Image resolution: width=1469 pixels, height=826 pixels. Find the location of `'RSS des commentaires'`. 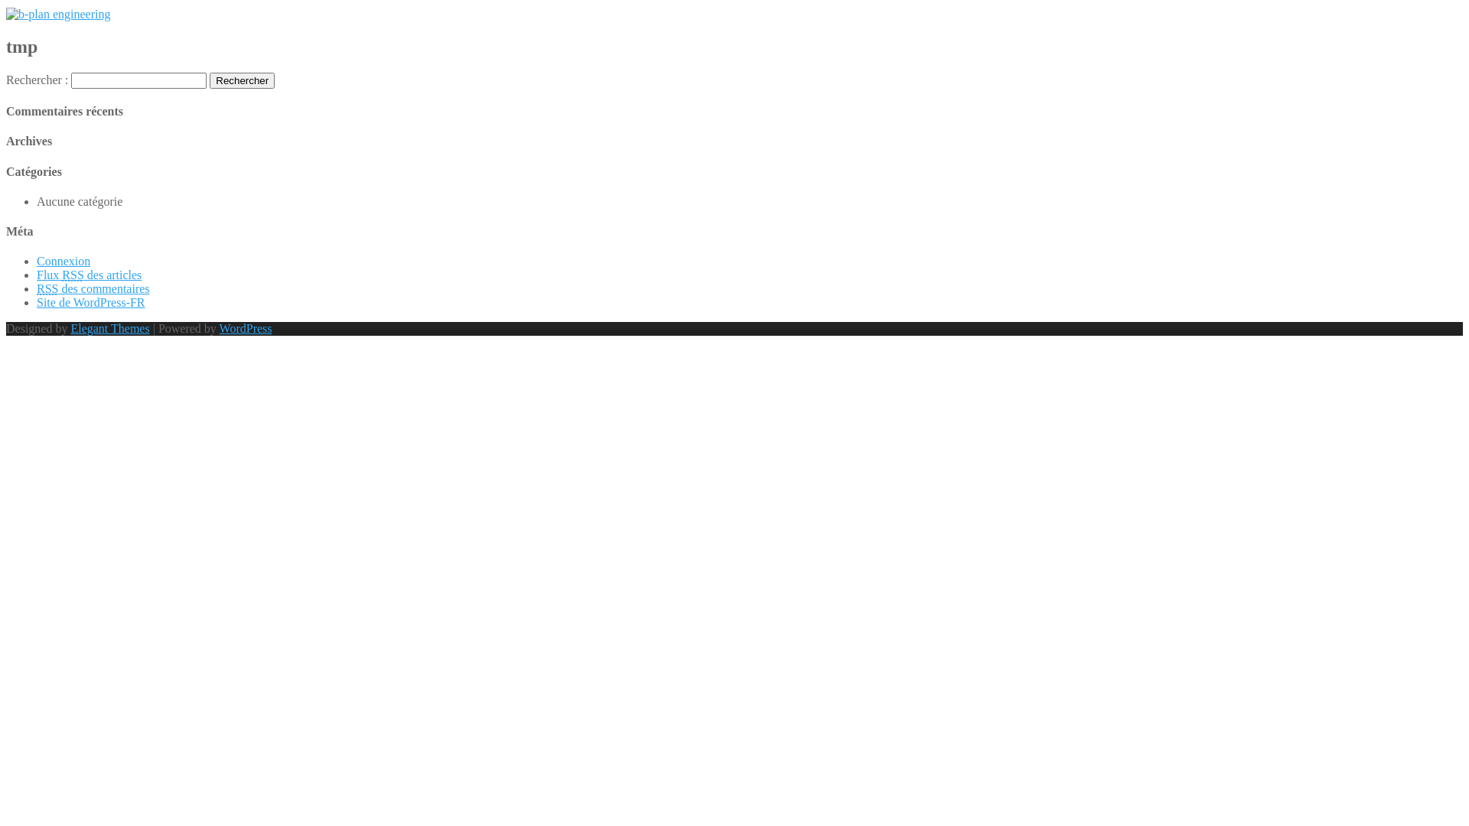

'RSS des commentaires' is located at coordinates (92, 288).